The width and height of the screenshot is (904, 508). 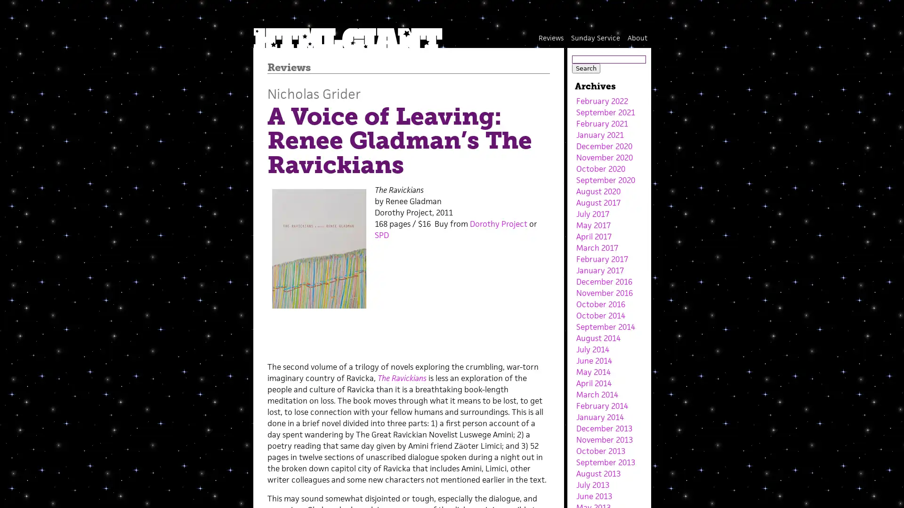 I want to click on Search, so click(x=585, y=67).